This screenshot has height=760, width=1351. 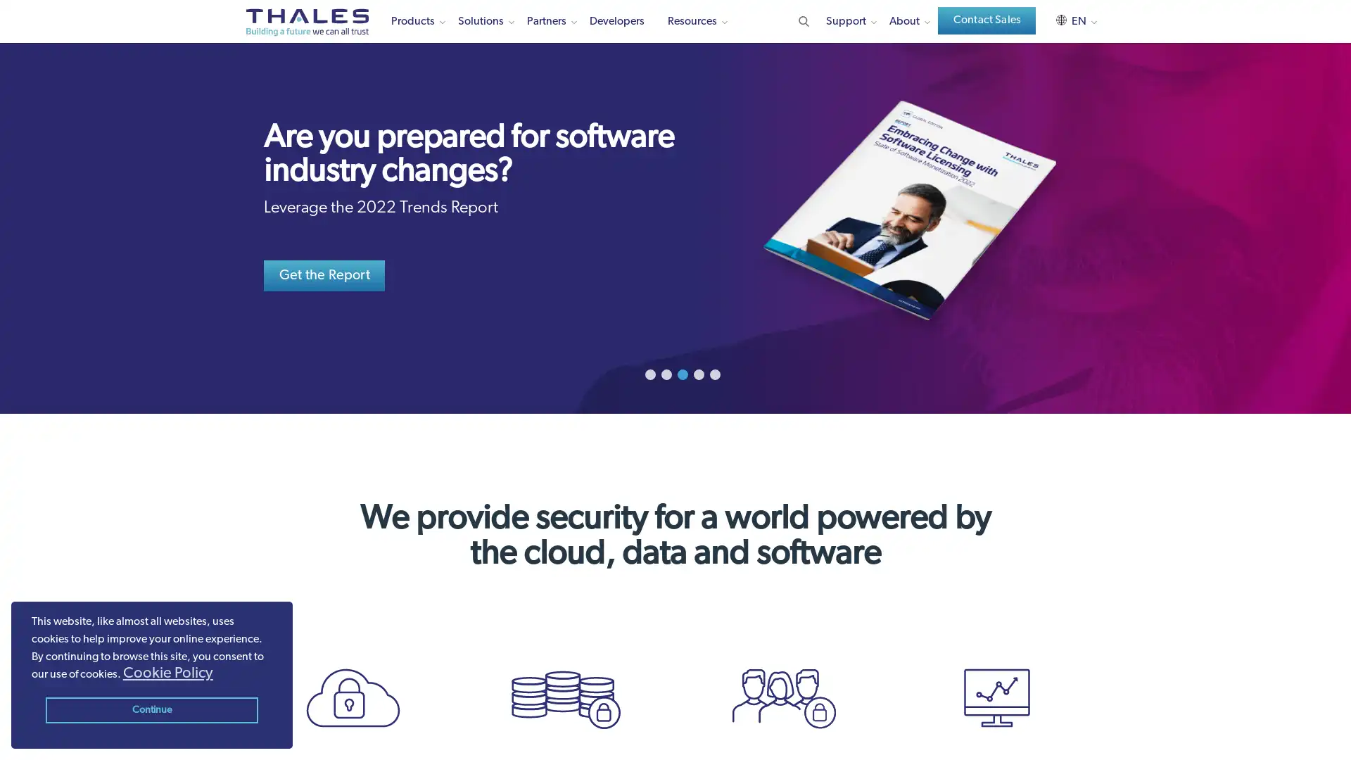 What do you see at coordinates (714, 374) in the screenshot?
I see `5` at bounding box center [714, 374].